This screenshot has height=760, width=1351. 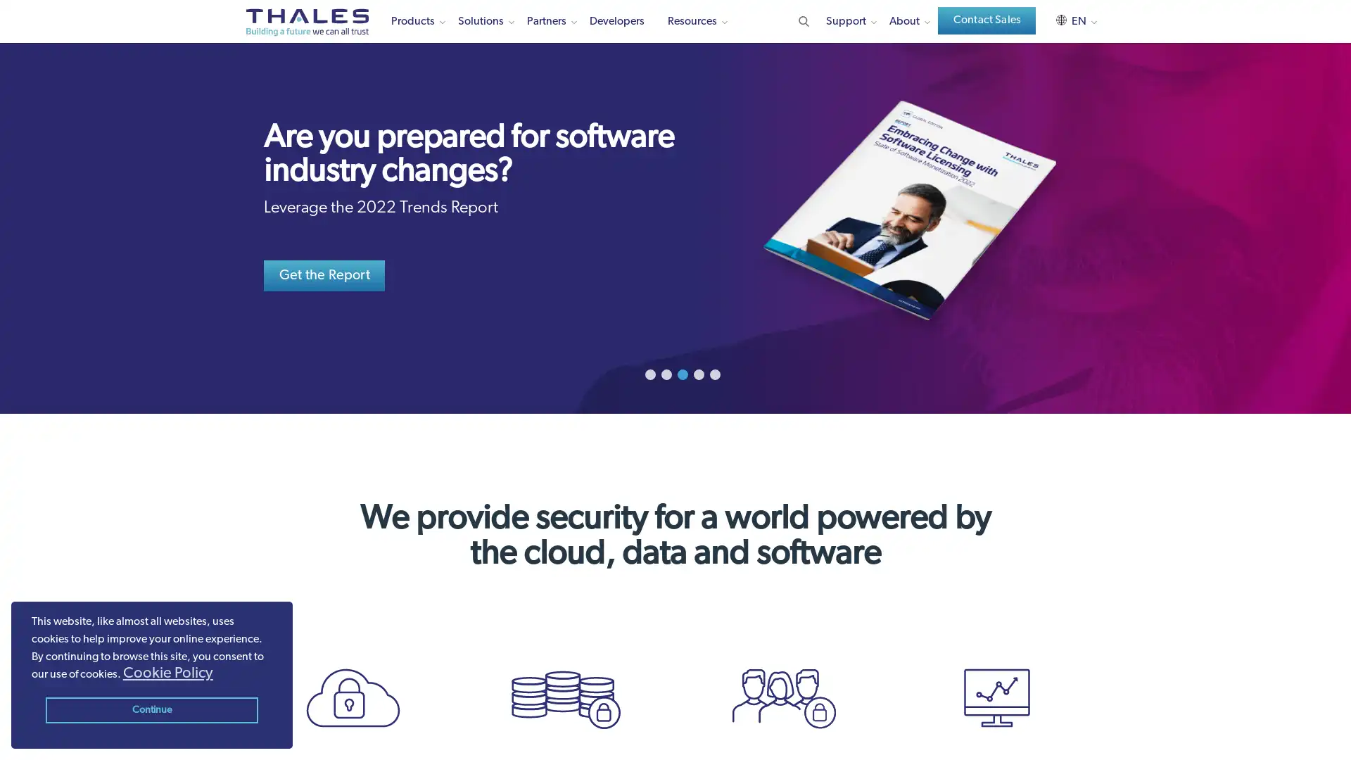 What do you see at coordinates (714, 374) in the screenshot?
I see `5` at bounding box center [714, 374].